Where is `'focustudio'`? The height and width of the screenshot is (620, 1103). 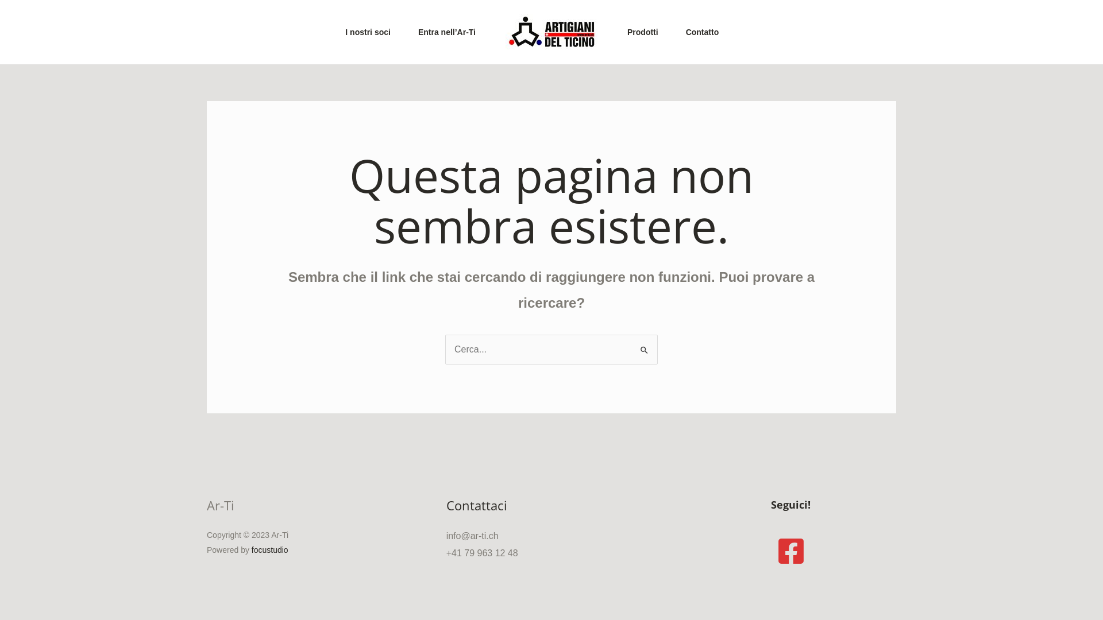 'focustudio' is located at coordinates (269, 549).